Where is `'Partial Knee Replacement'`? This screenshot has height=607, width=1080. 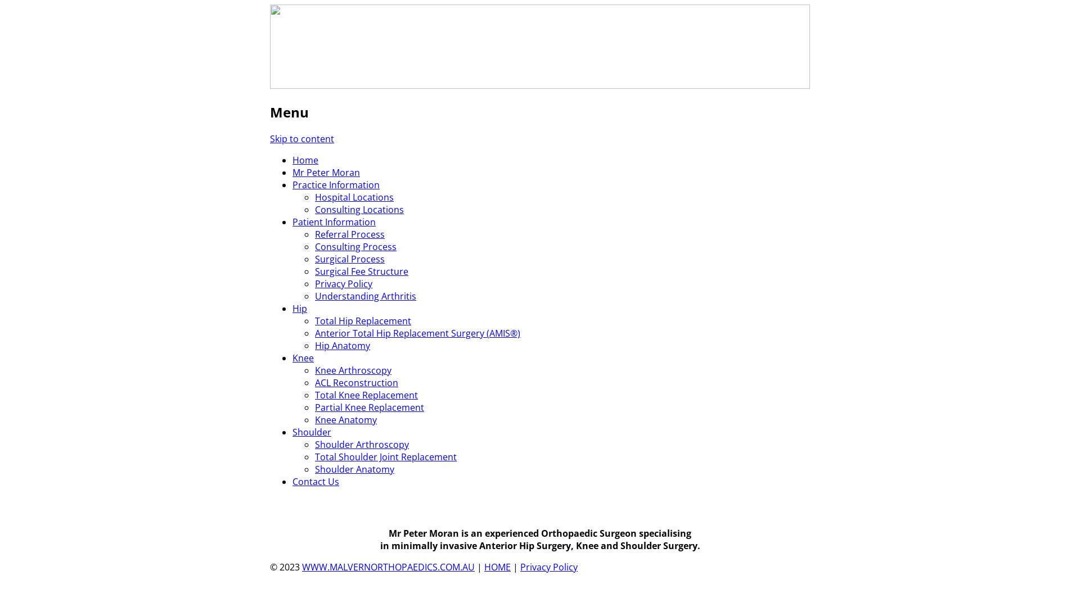
'Partial Knee Replacement' is located at coordinates (370, 407).